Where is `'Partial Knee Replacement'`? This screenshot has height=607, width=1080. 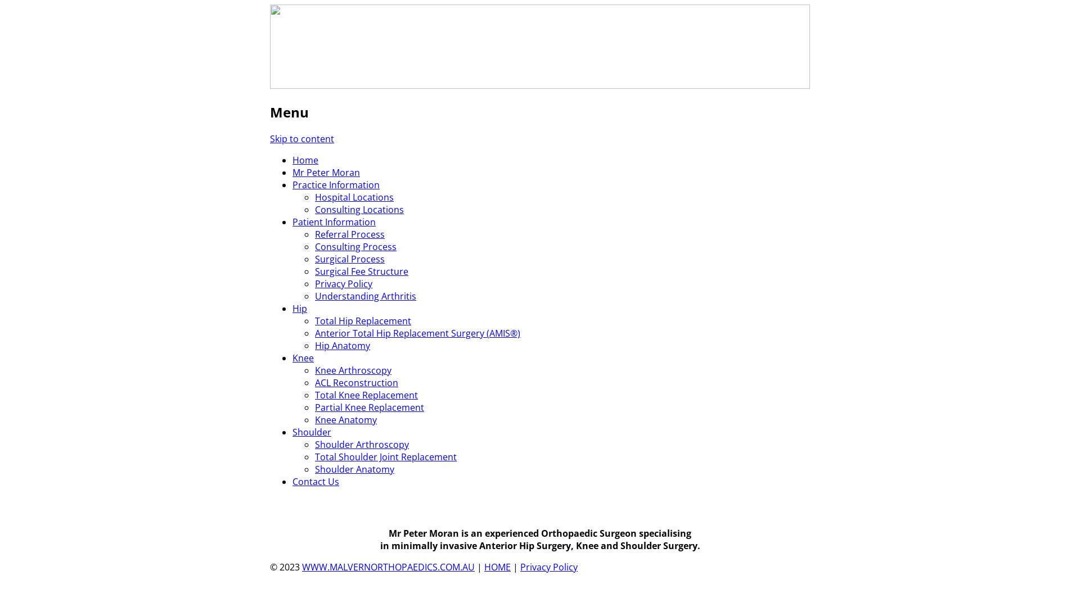
'Partial Knee Replacement' is located at coordinates (370, 407).